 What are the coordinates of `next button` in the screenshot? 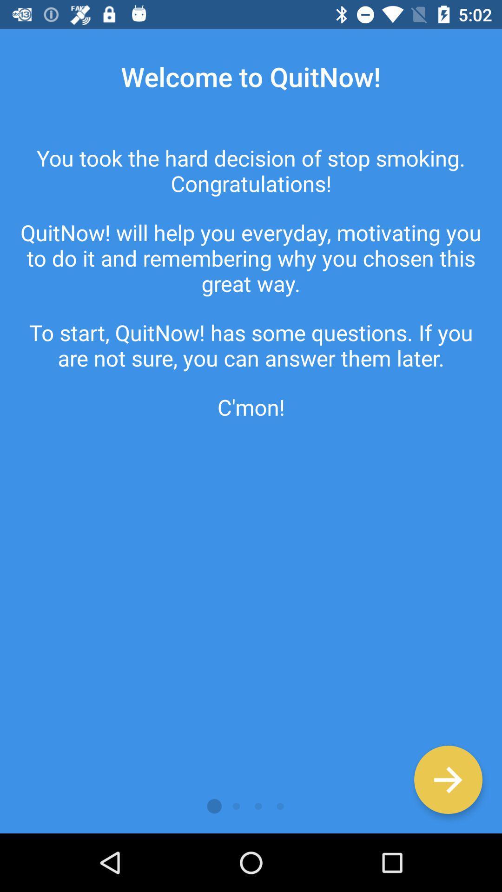 It's located at (448, 780).